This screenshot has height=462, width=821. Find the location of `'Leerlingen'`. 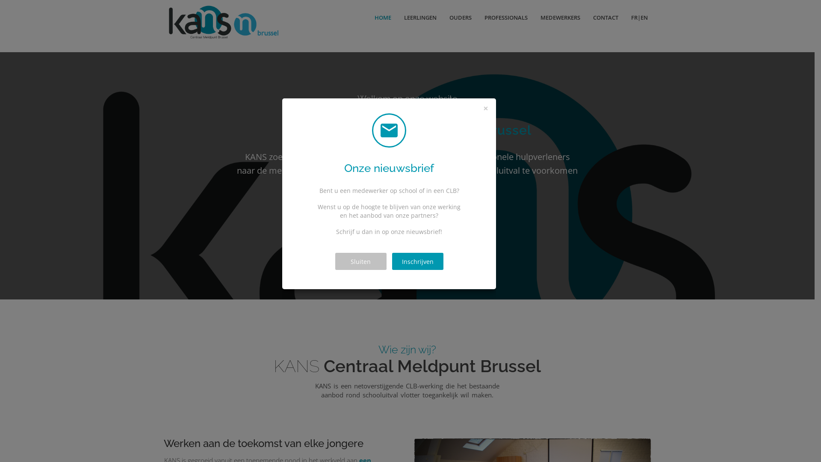

'Leerlingen' is located at coordinates (337, 207).